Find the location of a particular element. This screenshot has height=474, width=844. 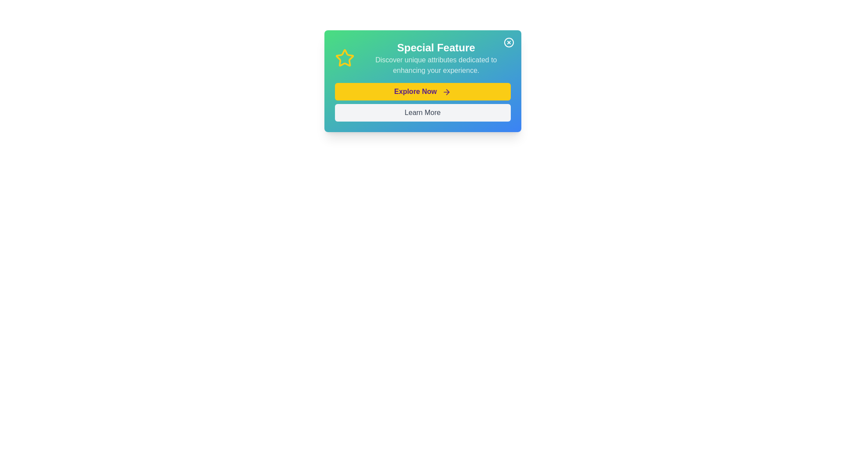

the arrow located on the right side of the 'Explore Now' button is located at coordinates (447, 92).